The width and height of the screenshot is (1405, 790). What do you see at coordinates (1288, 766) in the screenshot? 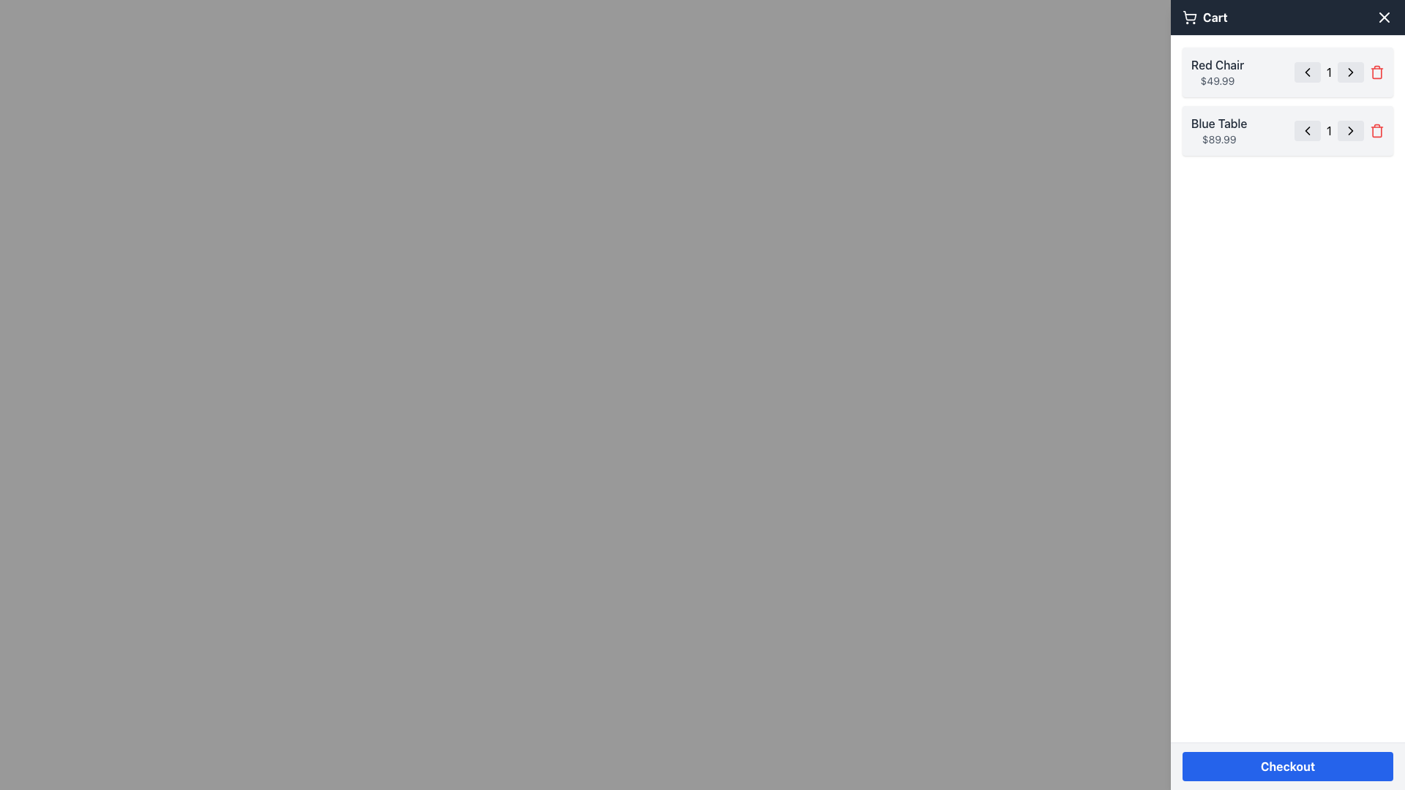
I see `the medium-sized rectangular button labeled 'Checkout' with a blue background to change its background color to a darker shade of blue, indicating interactivity` at bounding box center [1288, 766].